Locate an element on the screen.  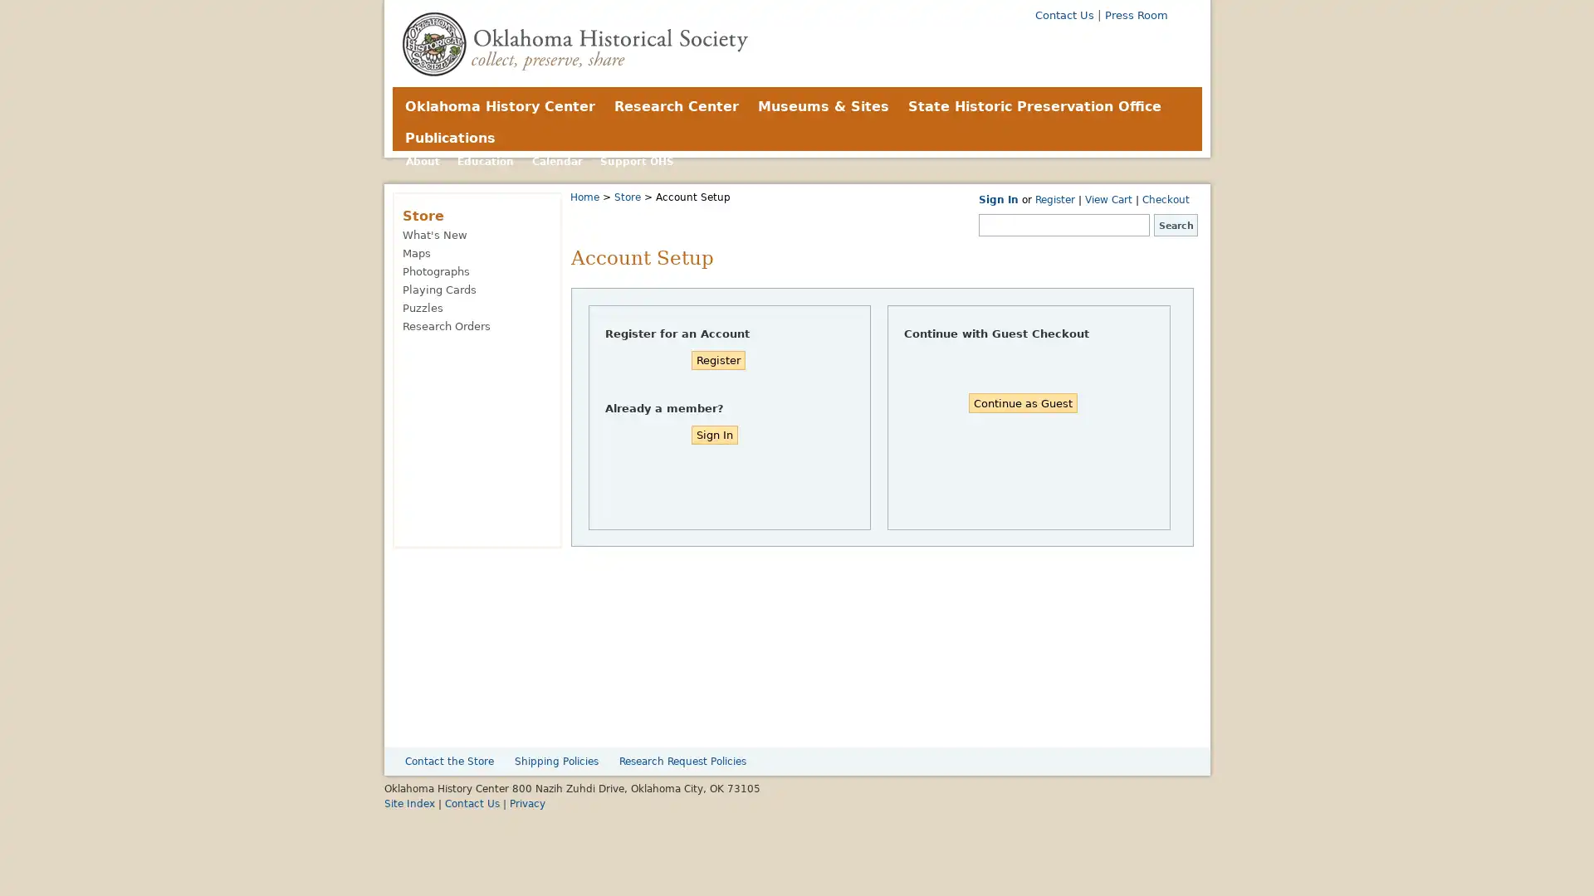
Search is located at coordinates (1174, 225).